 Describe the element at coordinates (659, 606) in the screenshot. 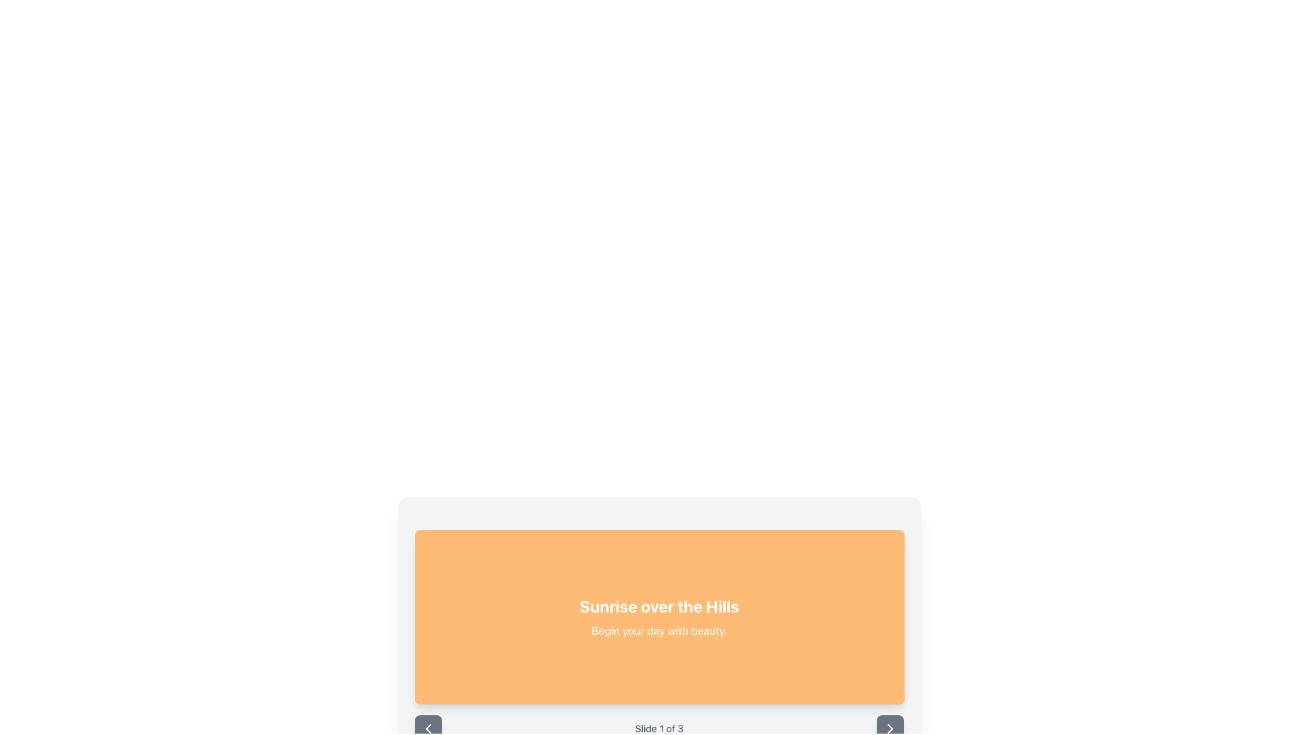

I see `text displayed in the large, bold, white font saying 'Sunrise over the Hills', which is centrally positioned within an orange rectangular background` at that location.